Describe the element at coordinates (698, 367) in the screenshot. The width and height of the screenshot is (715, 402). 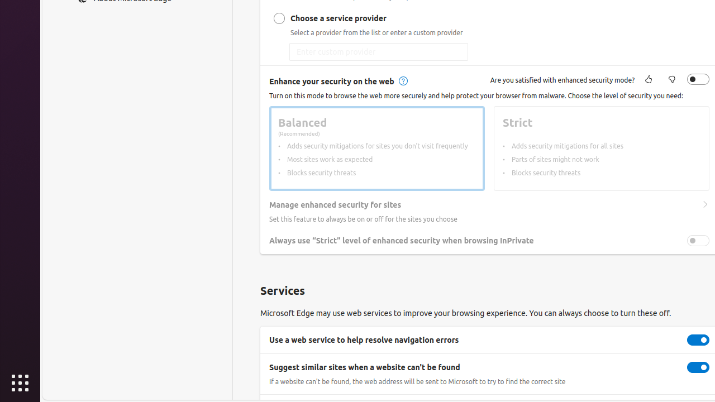
I see `'Suggest similar sites when a website can'` at that location.